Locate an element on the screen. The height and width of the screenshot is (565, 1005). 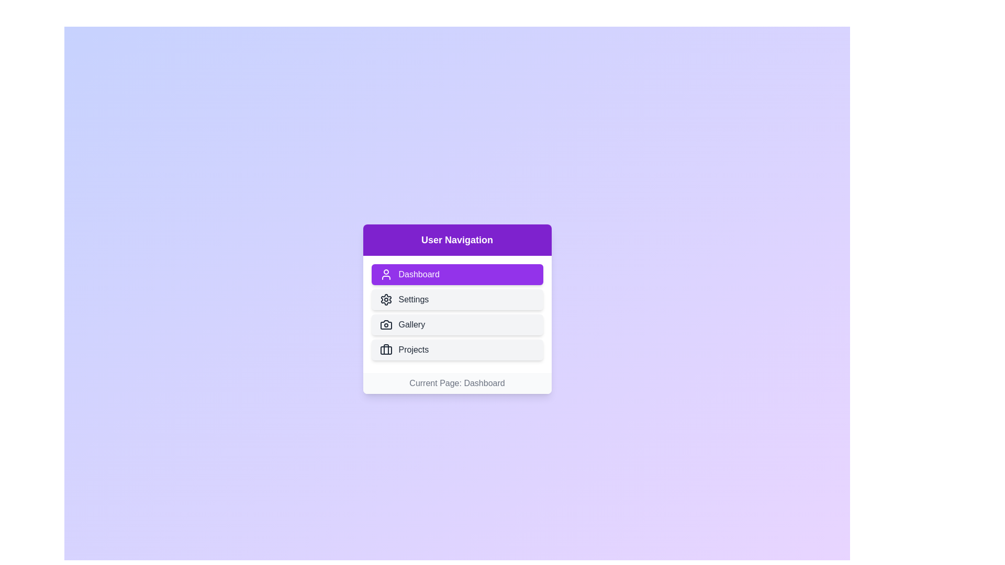
the Settings button to navigate to the respective section is located at coordinates (457, 300).